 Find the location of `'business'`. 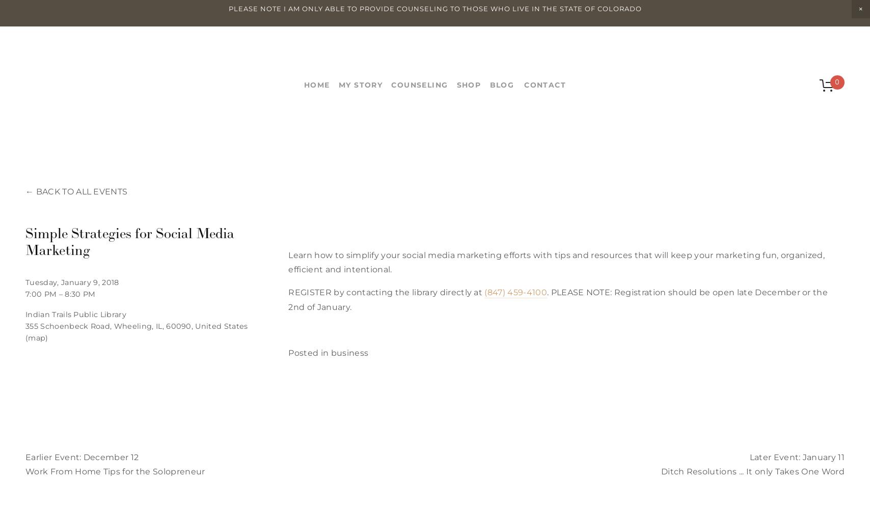

'business' is located at coordinates (349, 352).